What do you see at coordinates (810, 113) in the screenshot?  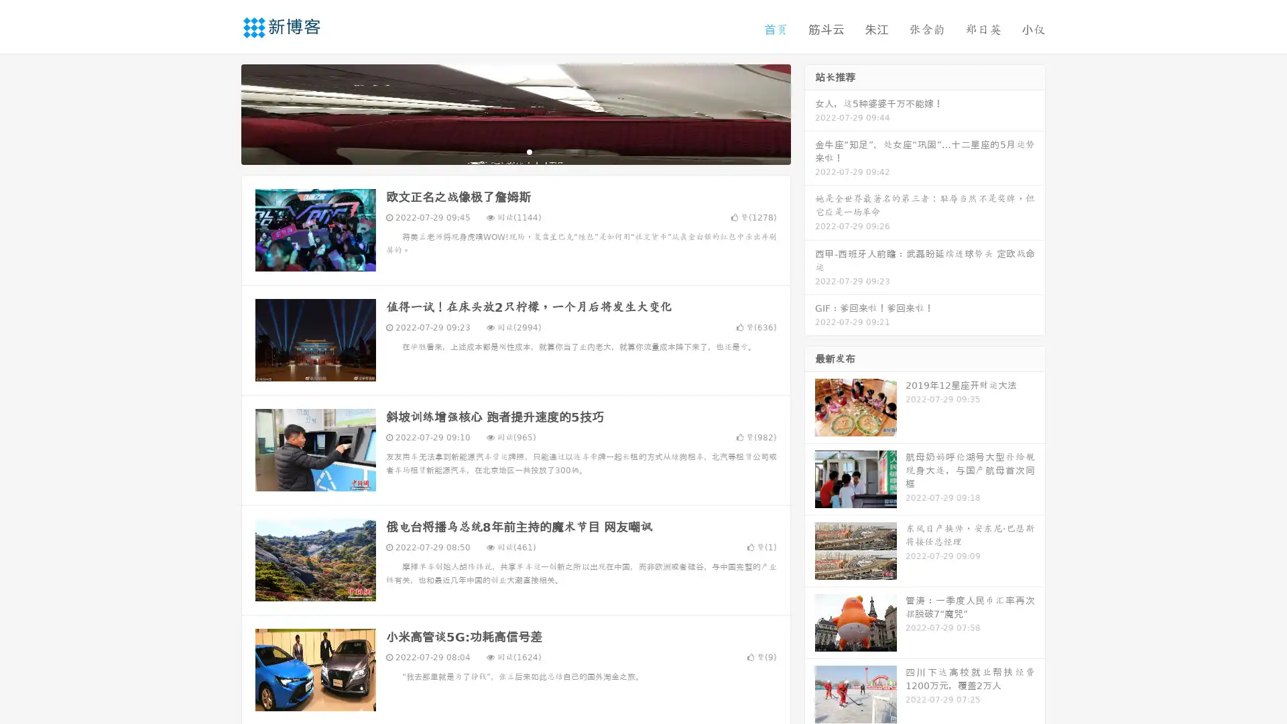 I see `Next slide` at bounding box center [810, 113].